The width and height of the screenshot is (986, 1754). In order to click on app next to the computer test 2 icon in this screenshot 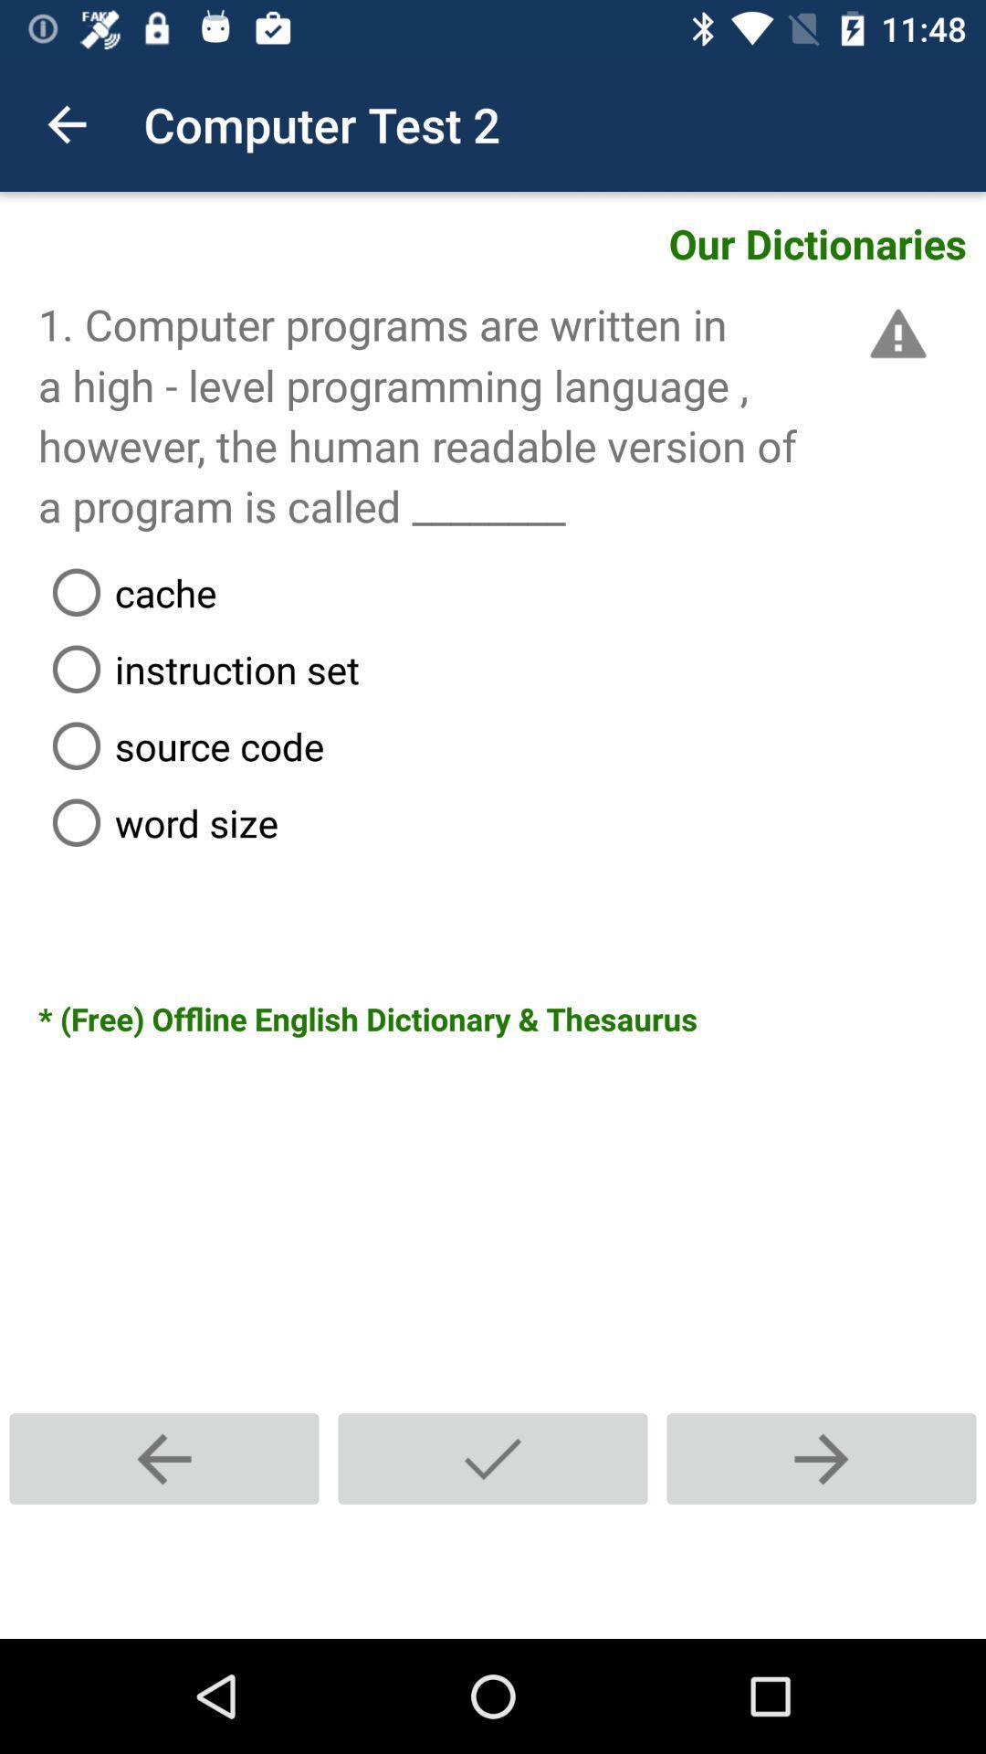, I will do `click(66, 123)`.